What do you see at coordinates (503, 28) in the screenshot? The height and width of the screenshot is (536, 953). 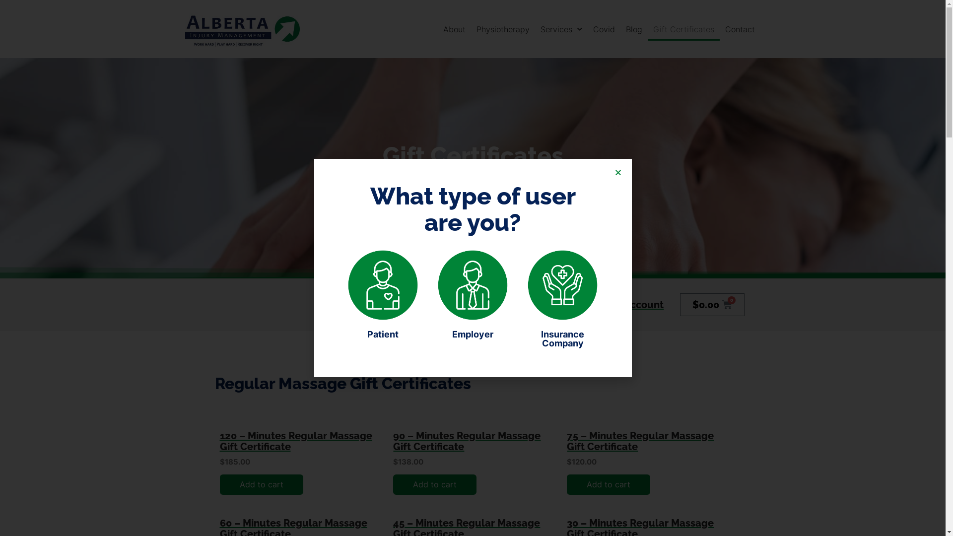 I see `'Physiotherapy'` at bounding box center [503, 28].